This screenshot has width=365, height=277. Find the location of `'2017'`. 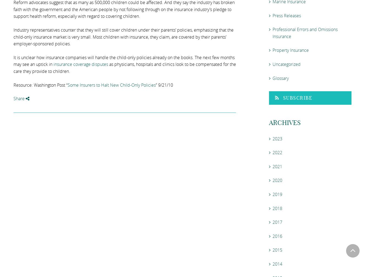

'2017' is located at coordinates (272, 222).